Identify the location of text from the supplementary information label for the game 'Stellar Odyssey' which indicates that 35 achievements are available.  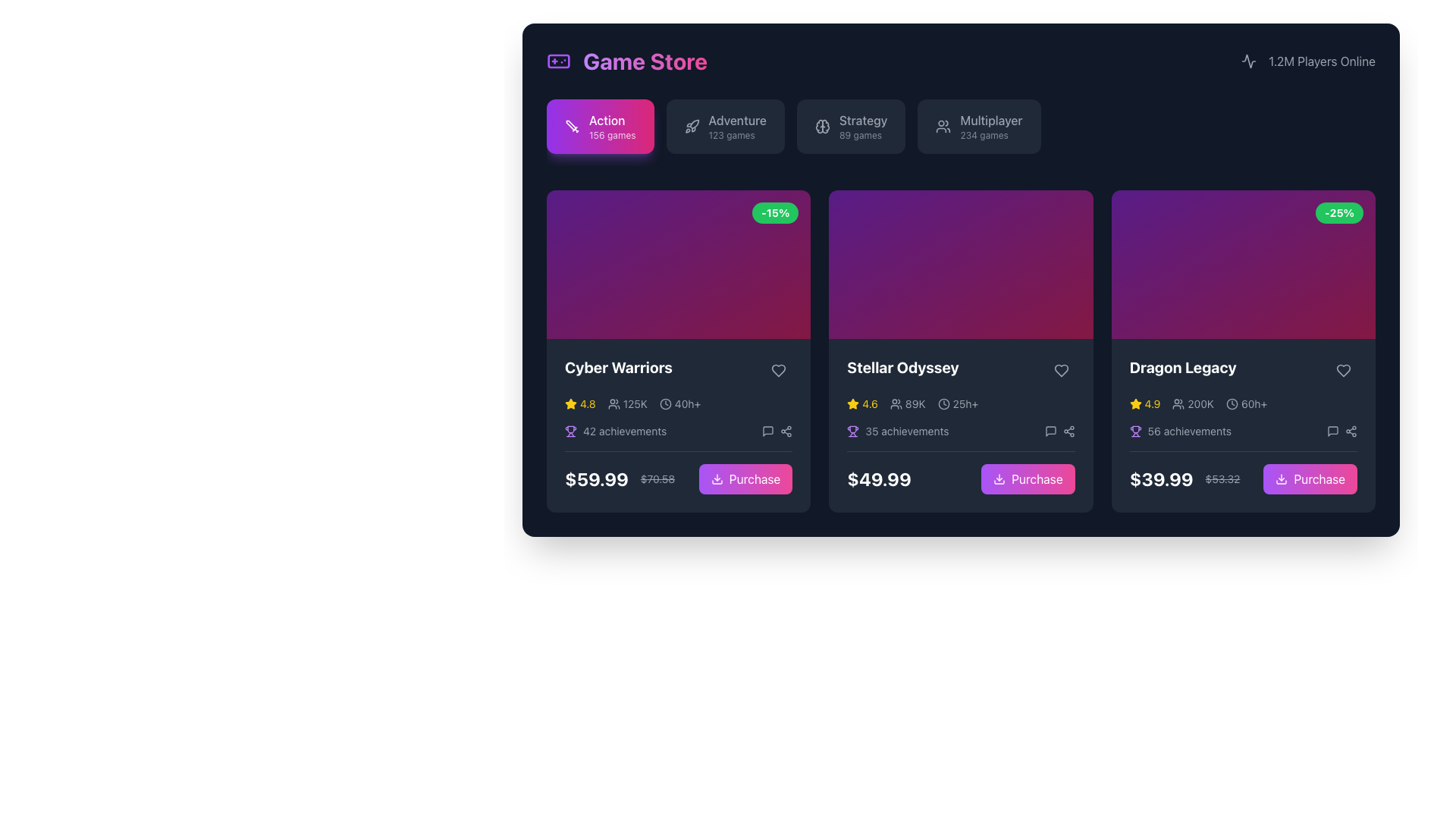
(907, 431).